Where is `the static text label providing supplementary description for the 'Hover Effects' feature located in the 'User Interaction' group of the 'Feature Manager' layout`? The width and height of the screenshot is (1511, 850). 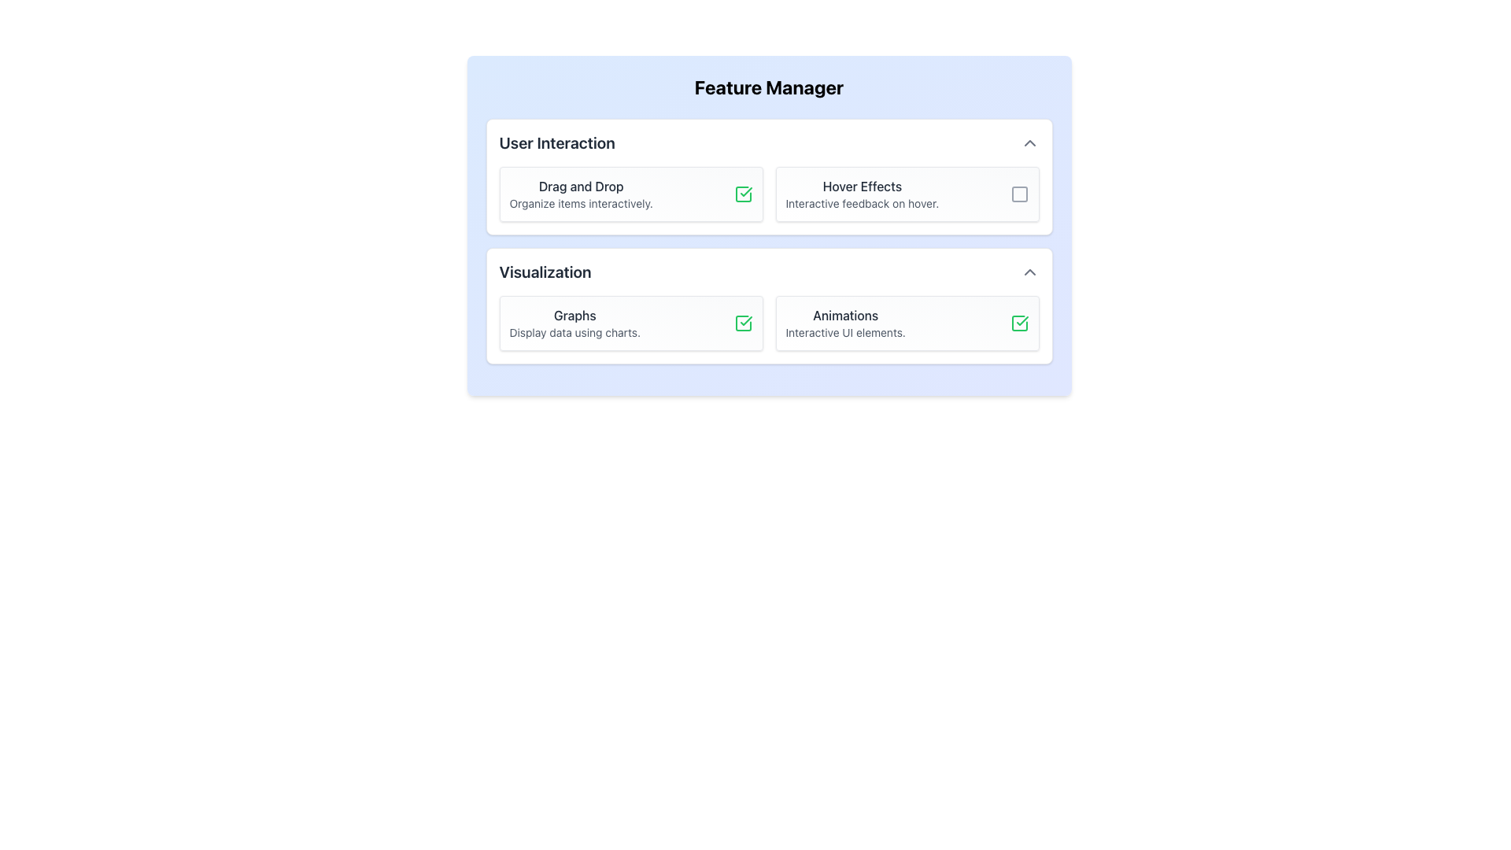
the static text label providing supplementary description for the 'Hover Effects' feature located in the 'User Interaction' group of the 'Feature Manager' layout is located at coordinates (861, 202).